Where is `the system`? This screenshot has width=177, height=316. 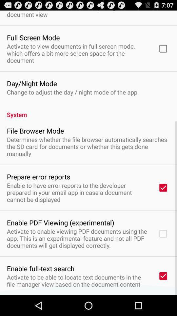
the system is located at coordinates (88, 111).